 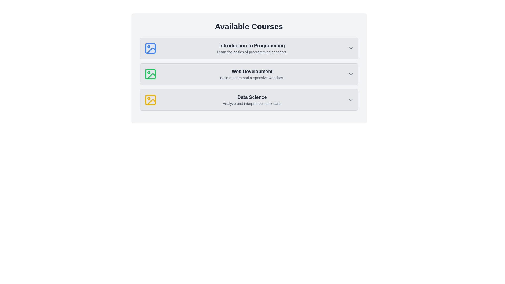 I want to click on the yellow outlined rounded rectangle element located within the bottom-most yellow-themed icon, positioned to the left of the 'Data Science' course title, so click(x=150, y=100).